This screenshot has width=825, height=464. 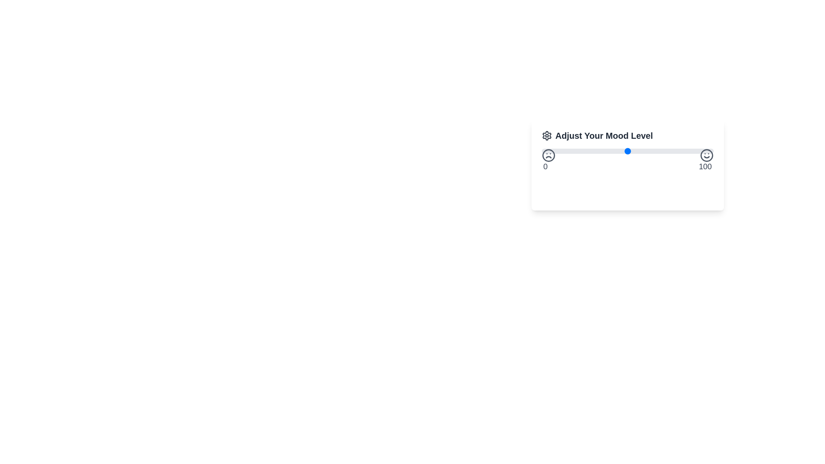 I want to click on the circular smiling face emoji icon, which is located at the rightmost position of a mood adjustment slider, adjacent to the '100' label, so click(x=706, y=156).